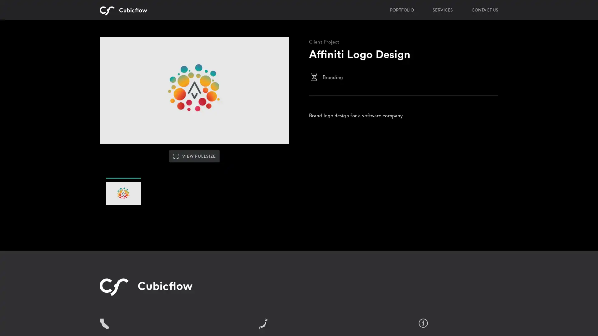 The height and width of the screenshot is (336, 598). What do you see at coordinates (194, 175) in the screenshot?
I see `VIEW FULLSIZE` at bounding box center [194, 175].